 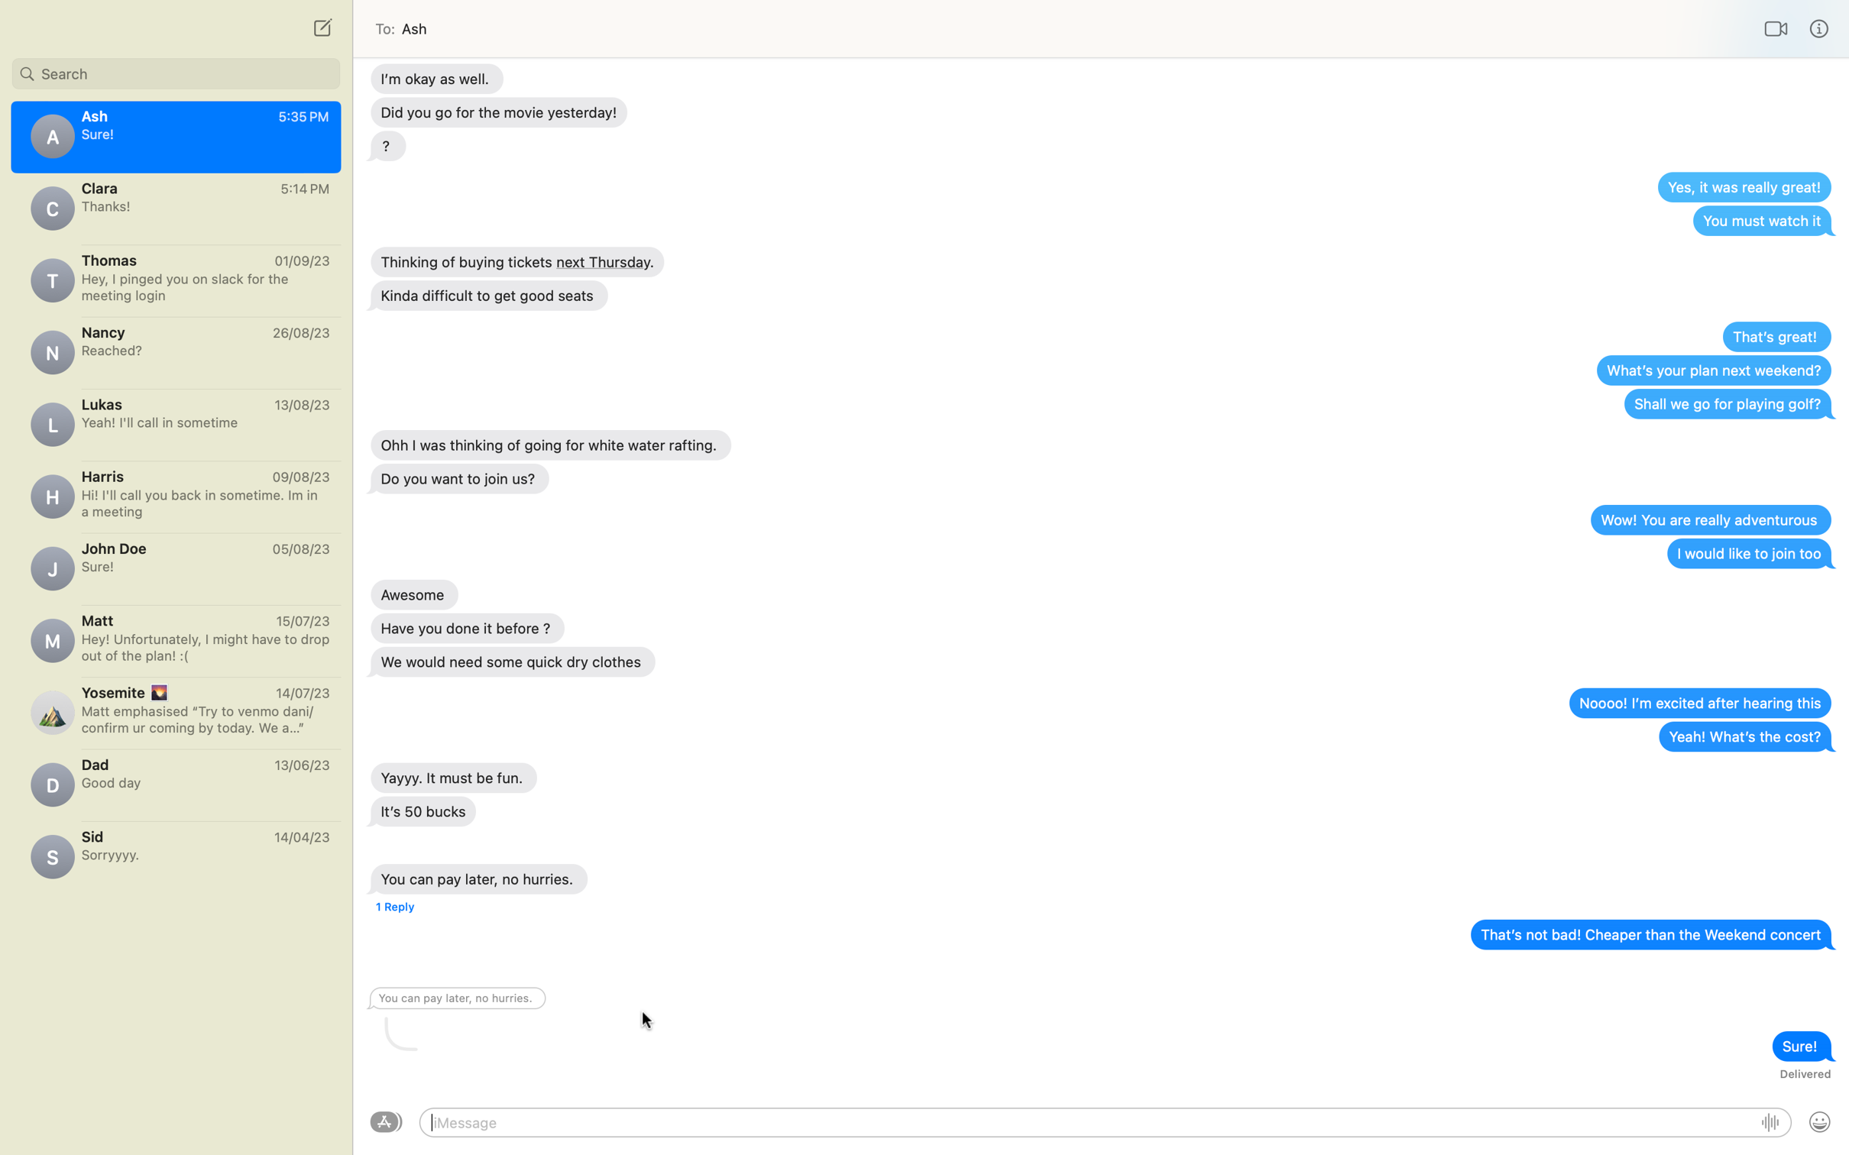 I want to click on Go to your father"s chat located in the left menu, so click(x=175, y=779).